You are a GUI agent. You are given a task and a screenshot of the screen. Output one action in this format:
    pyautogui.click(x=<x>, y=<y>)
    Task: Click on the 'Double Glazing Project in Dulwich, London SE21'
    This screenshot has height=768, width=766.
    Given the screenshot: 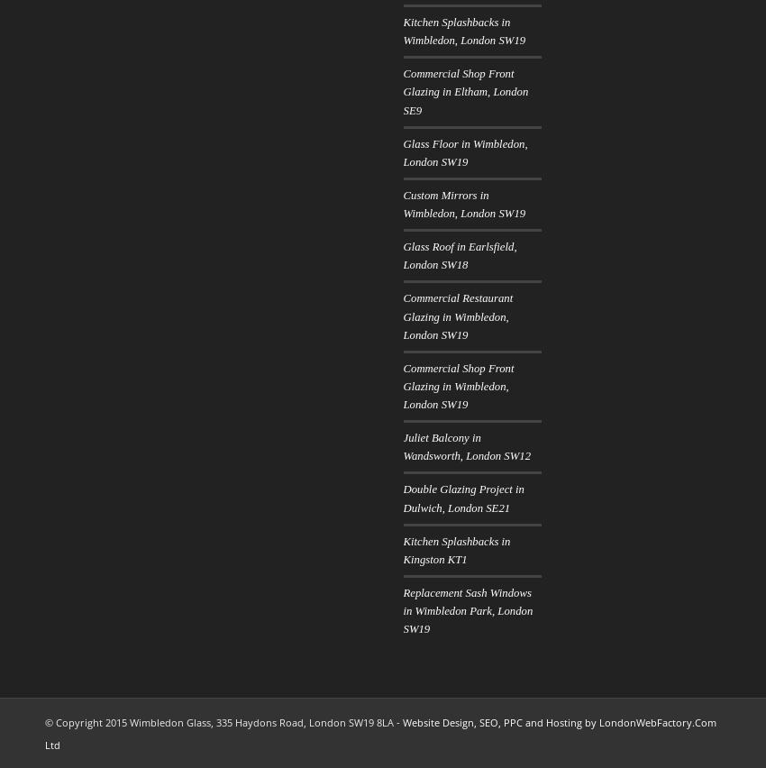 What is the action you would take?
    pyautogui.click(x=461, y=498)
    